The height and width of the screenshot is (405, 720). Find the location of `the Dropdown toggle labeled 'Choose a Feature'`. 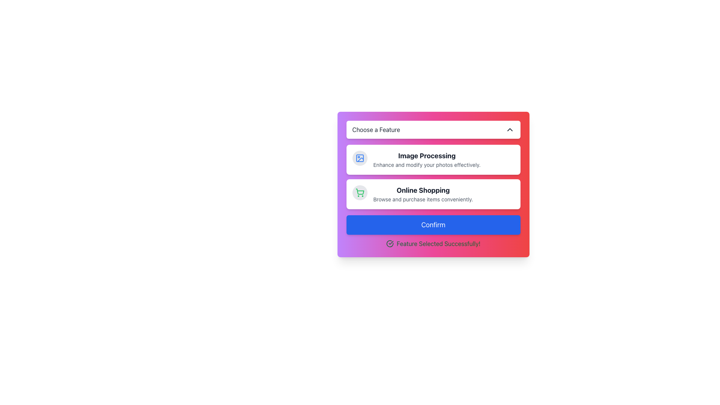

the Dropdown toggle labeled 'Choose a Feature' is located at coordinates (433, 129).